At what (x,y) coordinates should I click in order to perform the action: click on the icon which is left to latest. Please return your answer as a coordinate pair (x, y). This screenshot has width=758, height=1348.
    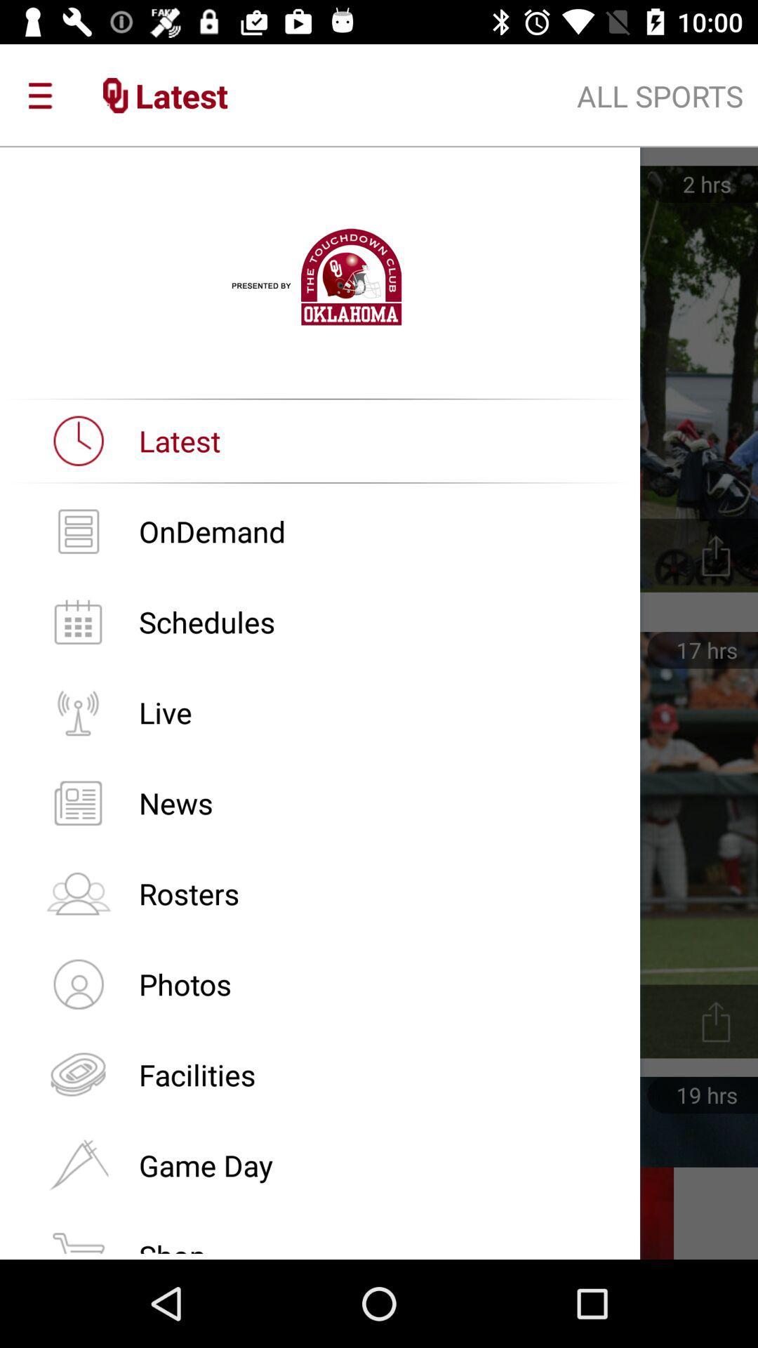
    Looking at the image, I should click on (78, 440).